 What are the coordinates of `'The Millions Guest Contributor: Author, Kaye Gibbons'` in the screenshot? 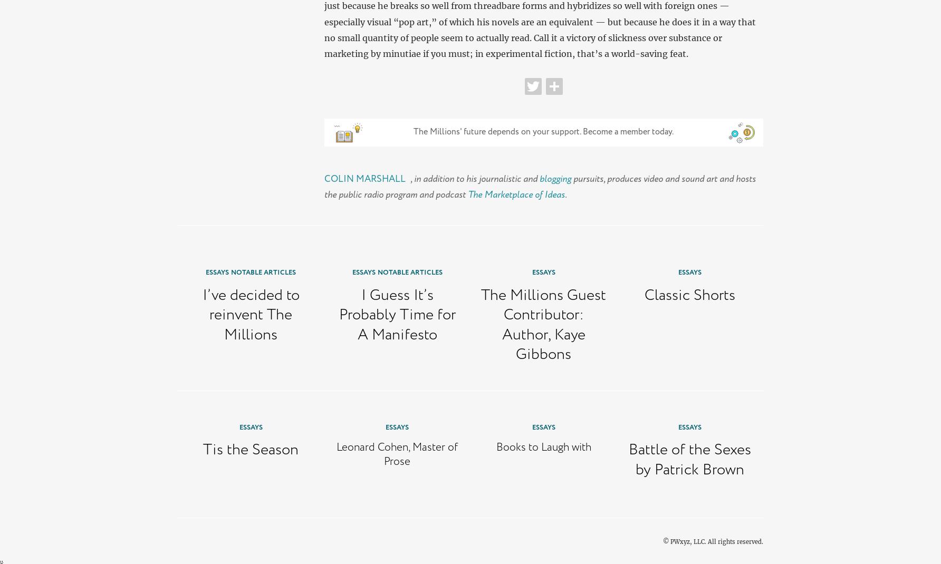 It's located at (543, 324).